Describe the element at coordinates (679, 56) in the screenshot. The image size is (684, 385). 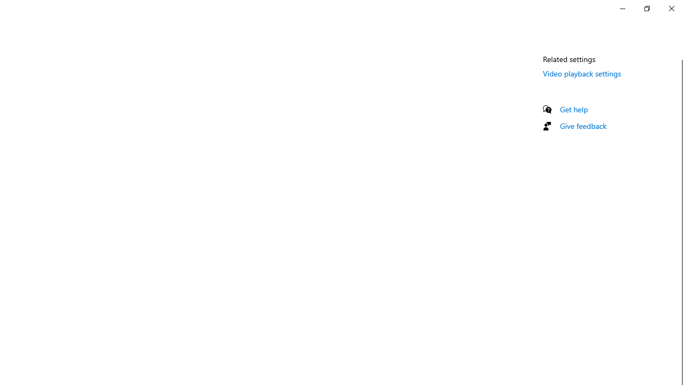
I see `'Vertical Small Decrease'` at that location.